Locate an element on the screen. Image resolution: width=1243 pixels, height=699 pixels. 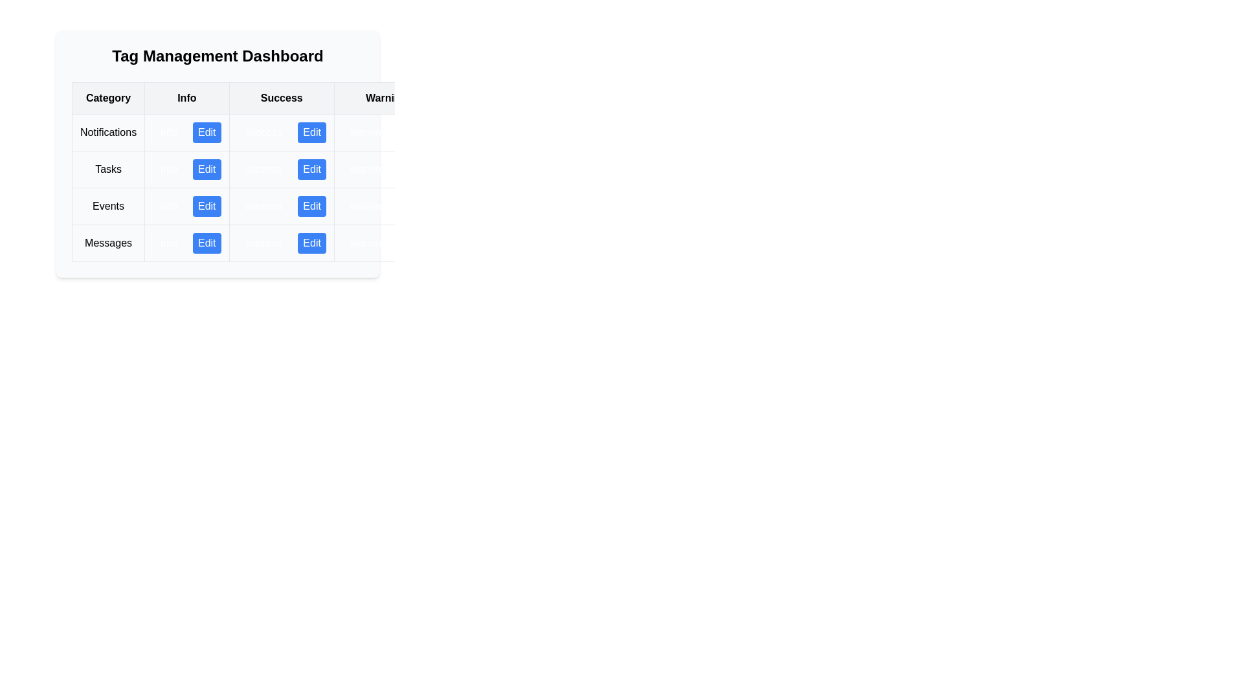
the 'Edit' button in the warning tag for the 'Events' category located in the fourth column under 'Warning' is located at coordinates (385, 206).